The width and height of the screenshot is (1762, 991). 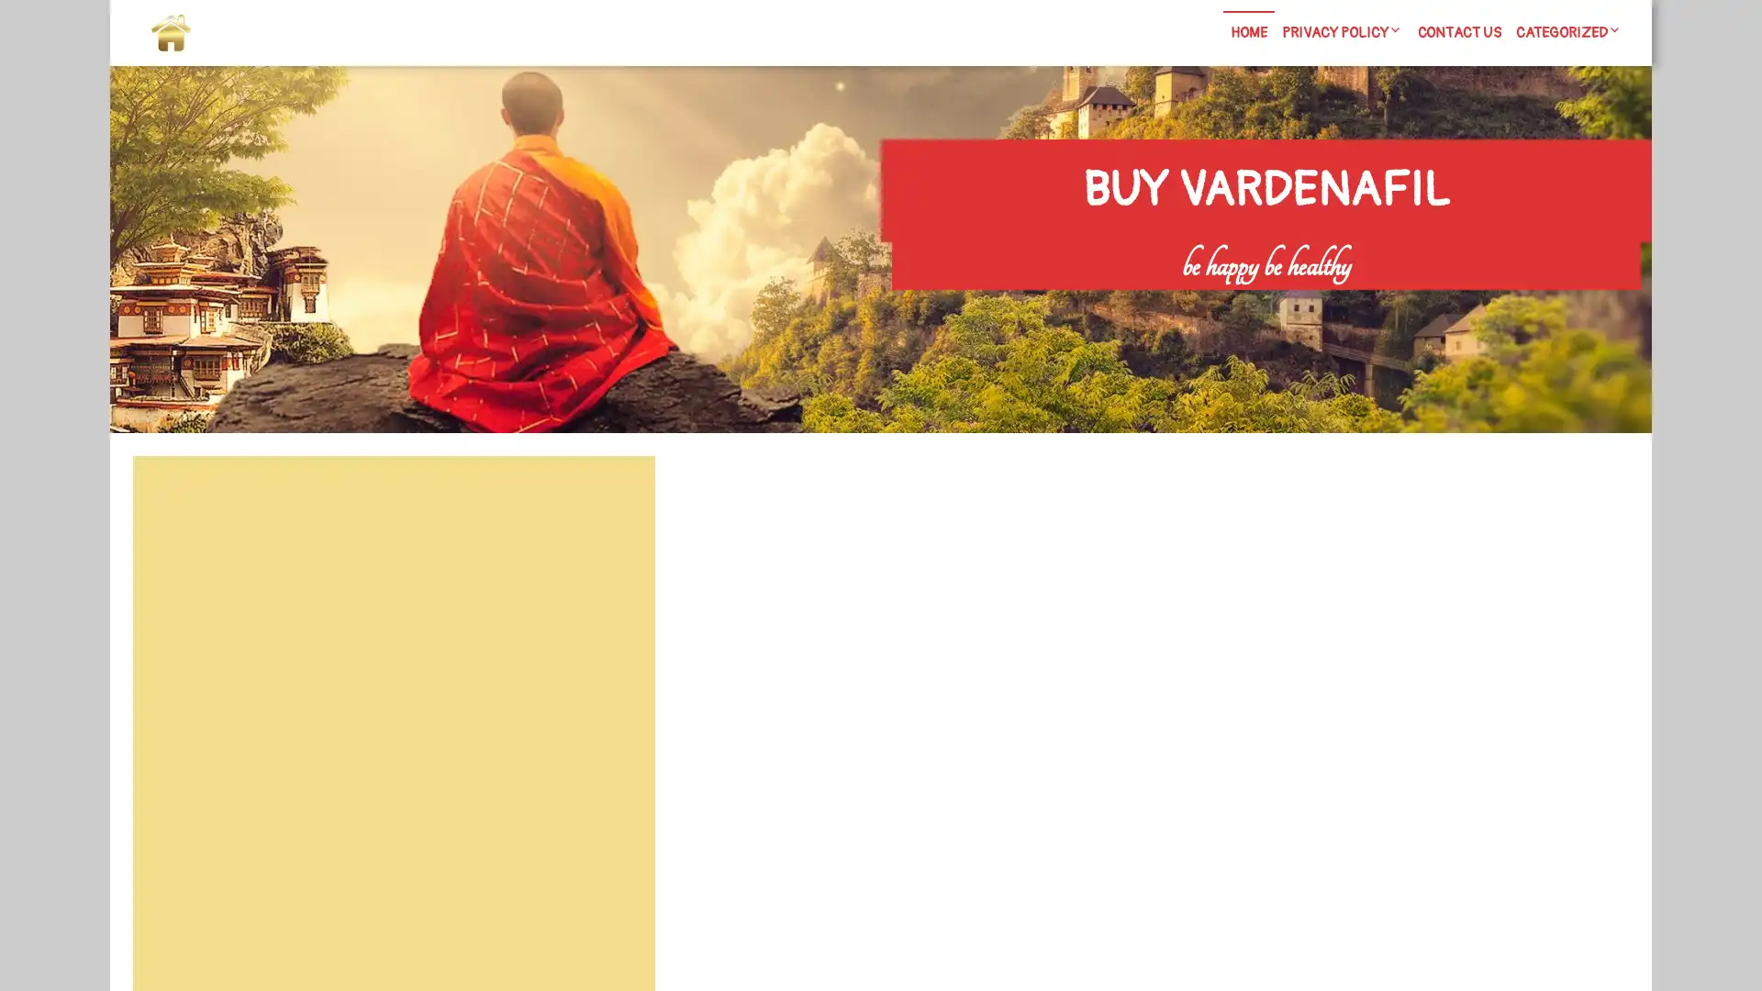 I want to click on Search, so click(x=612, y=500).